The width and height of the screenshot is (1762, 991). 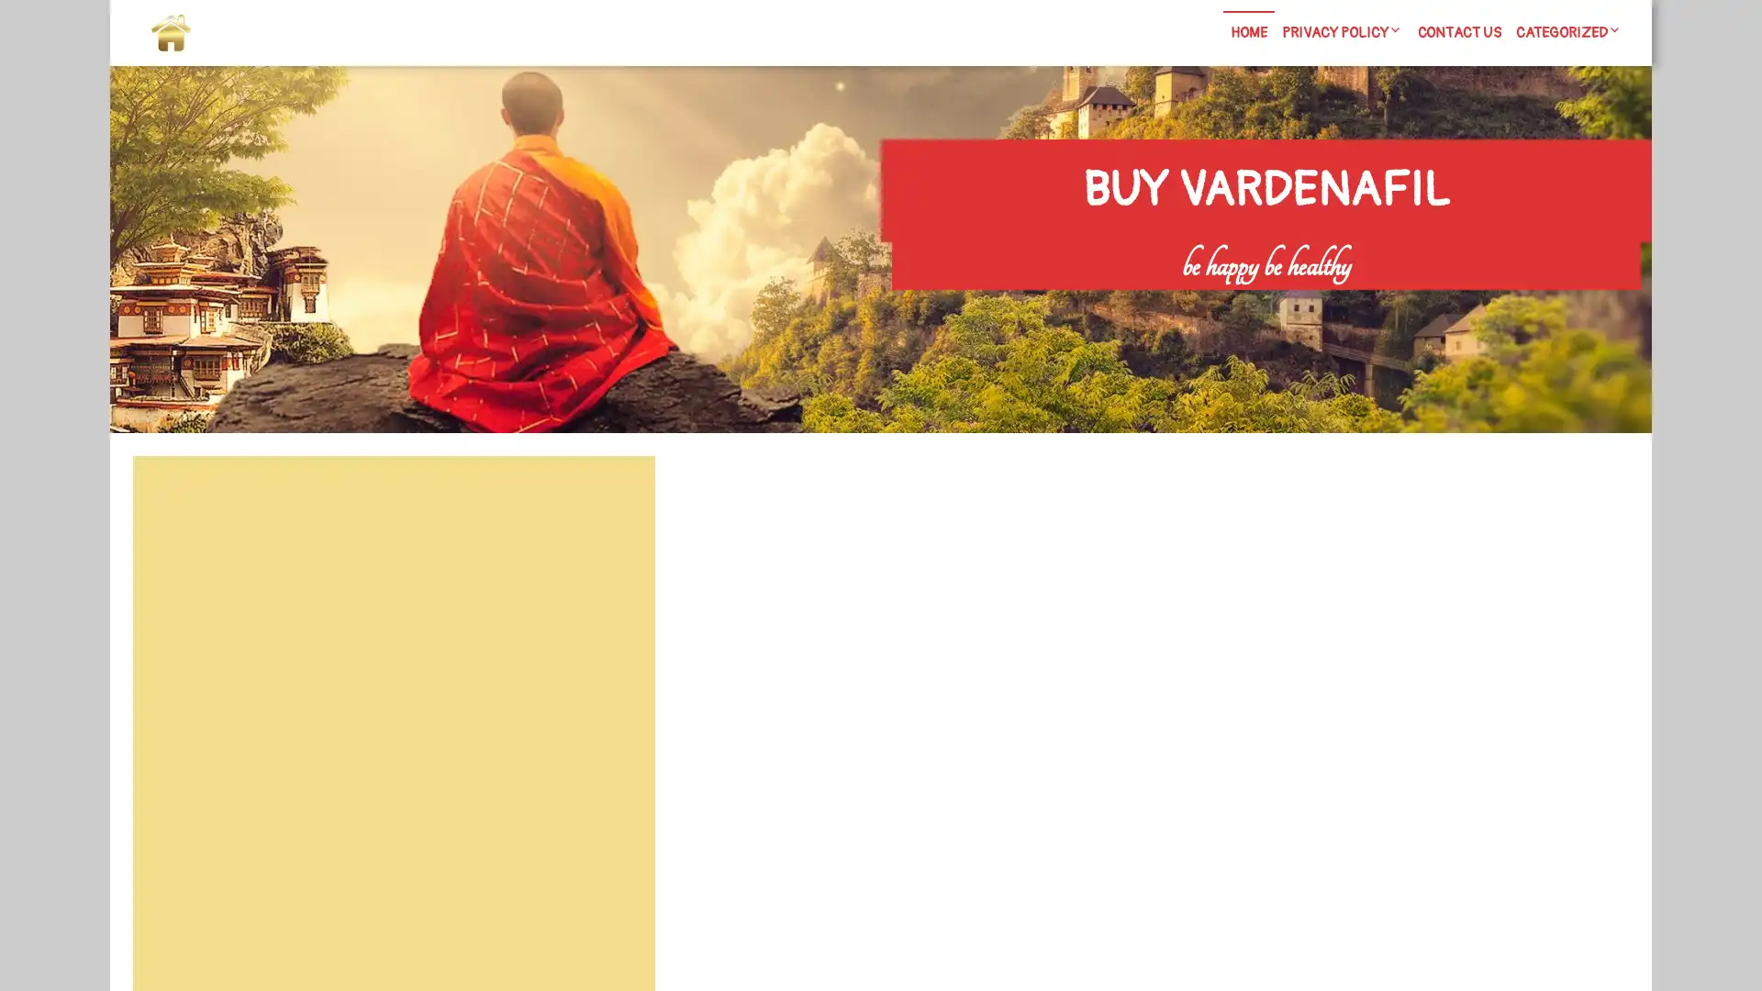 I want to click on Search, so click(x=612, y=500).